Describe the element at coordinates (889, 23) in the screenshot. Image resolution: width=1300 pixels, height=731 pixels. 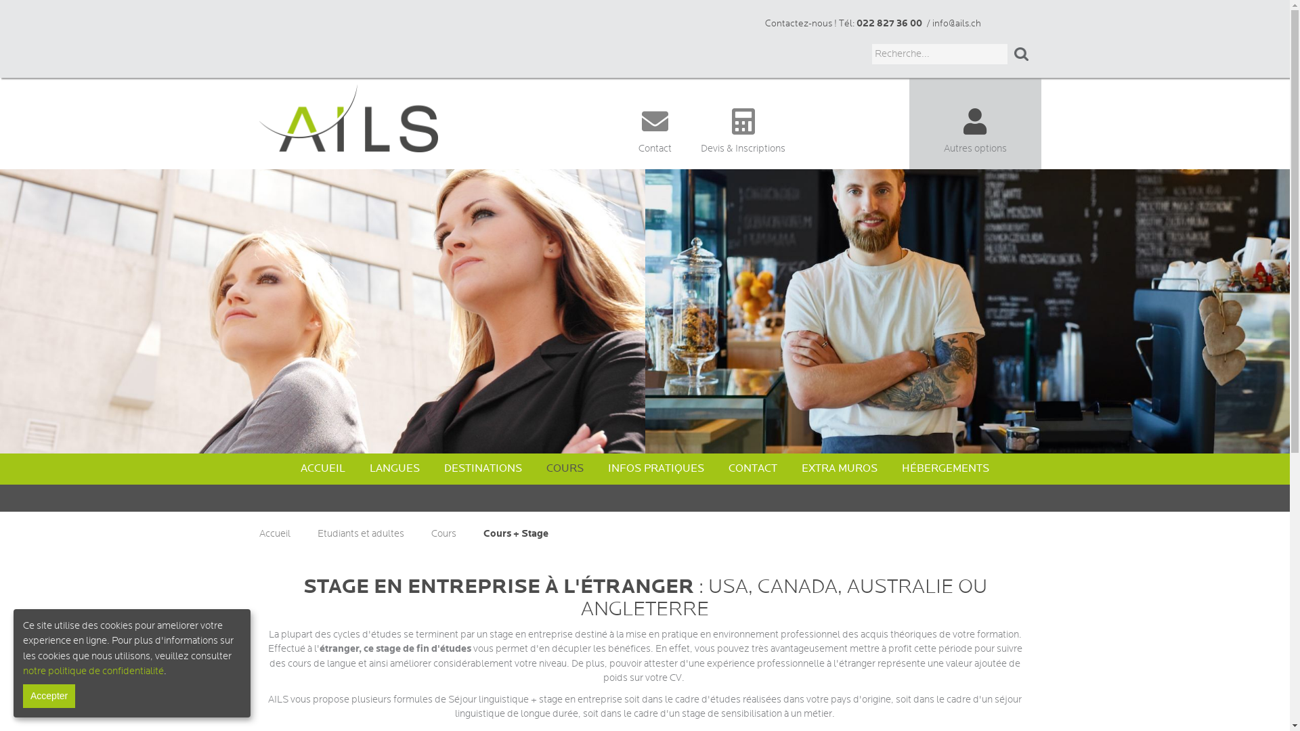
I see `'022 827 36 00'` at that location.